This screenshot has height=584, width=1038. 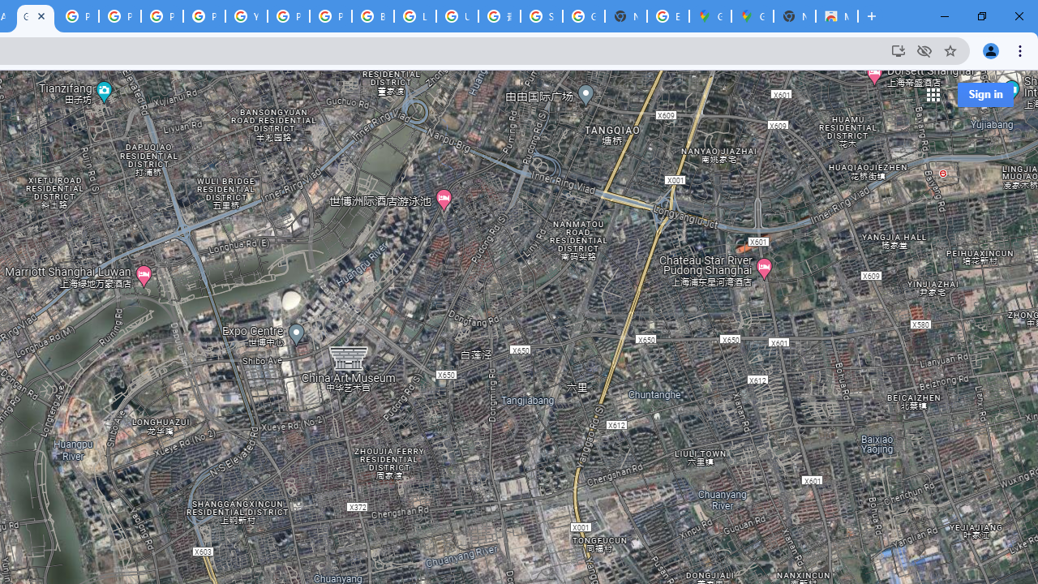 What do you see at coordinates (752, 16) in the screenshot?
I see `'Google Maps'` at bounding box center [752, 16].